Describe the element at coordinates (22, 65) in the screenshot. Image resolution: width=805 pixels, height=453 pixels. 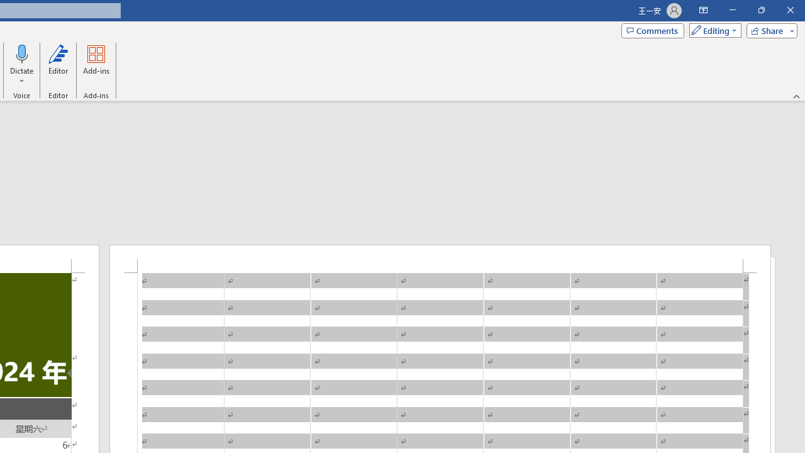
I see `'Dictate'` at that location.